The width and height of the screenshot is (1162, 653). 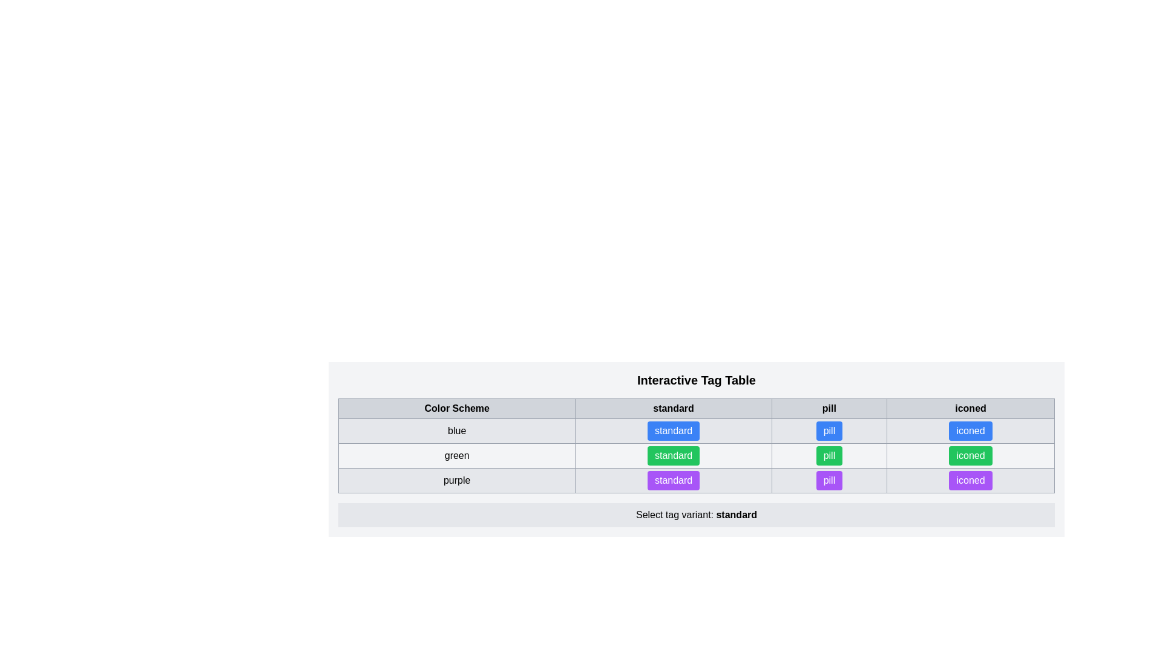 What do you see at coordinates (697, 479) in the screenshot?
I see `the interactive button that activates the 'standard' option in the 'purple' color theme, located in the third row of the table structure` at bounding box center [697, 479].